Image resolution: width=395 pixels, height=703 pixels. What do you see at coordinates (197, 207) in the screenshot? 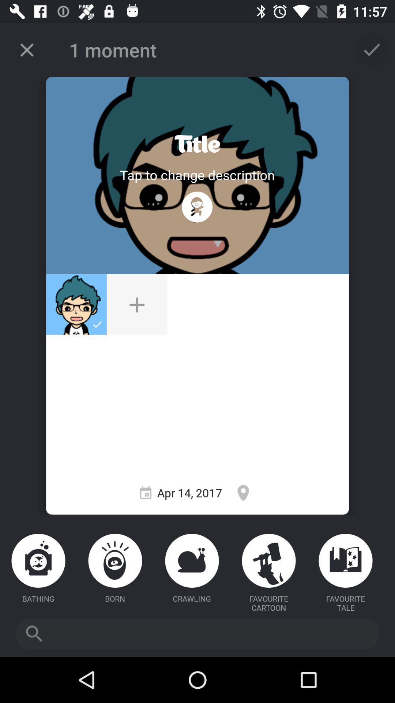
I see `icon above the apr 14, 2017 icon` at bounding box center [197, 207].